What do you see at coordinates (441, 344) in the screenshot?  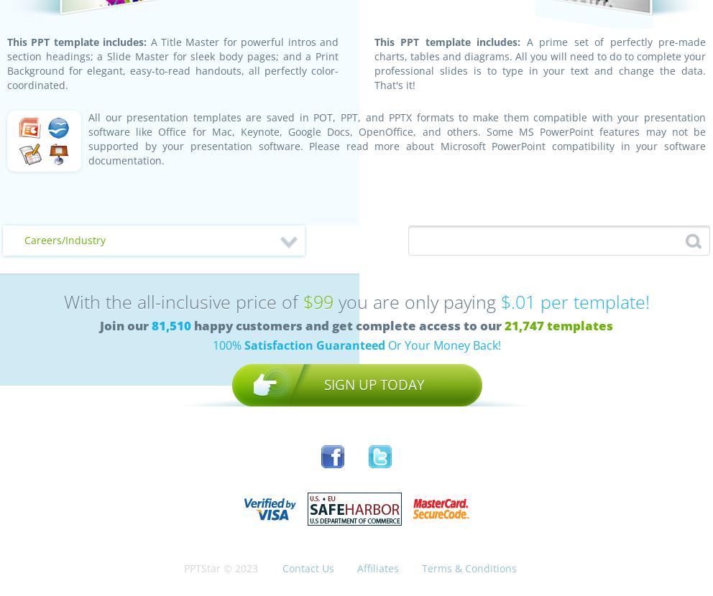 I see `'Or Your Money Back!'` at bounding box center [441, 344].